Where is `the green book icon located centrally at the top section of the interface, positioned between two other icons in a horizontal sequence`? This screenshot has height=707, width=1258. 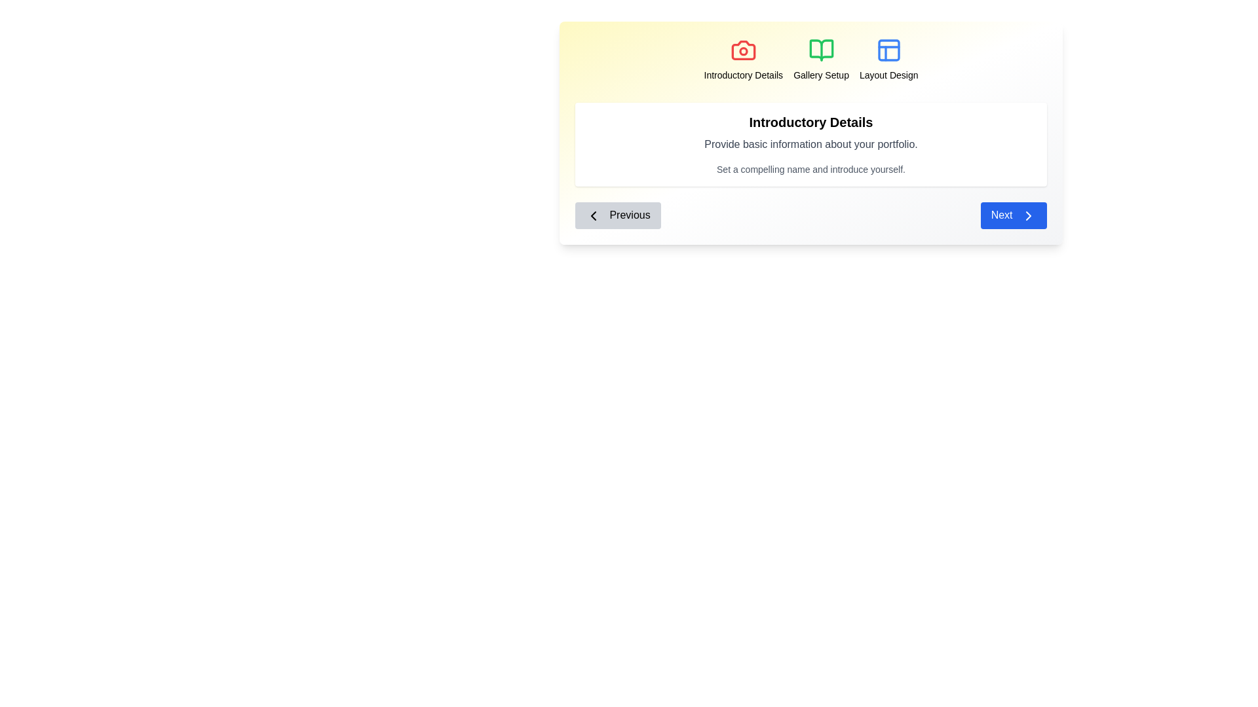 the green book icon located centrally at the top section of the interface, positioned between two other icons in a horizontal sequence is located at coordinates (820, 50).